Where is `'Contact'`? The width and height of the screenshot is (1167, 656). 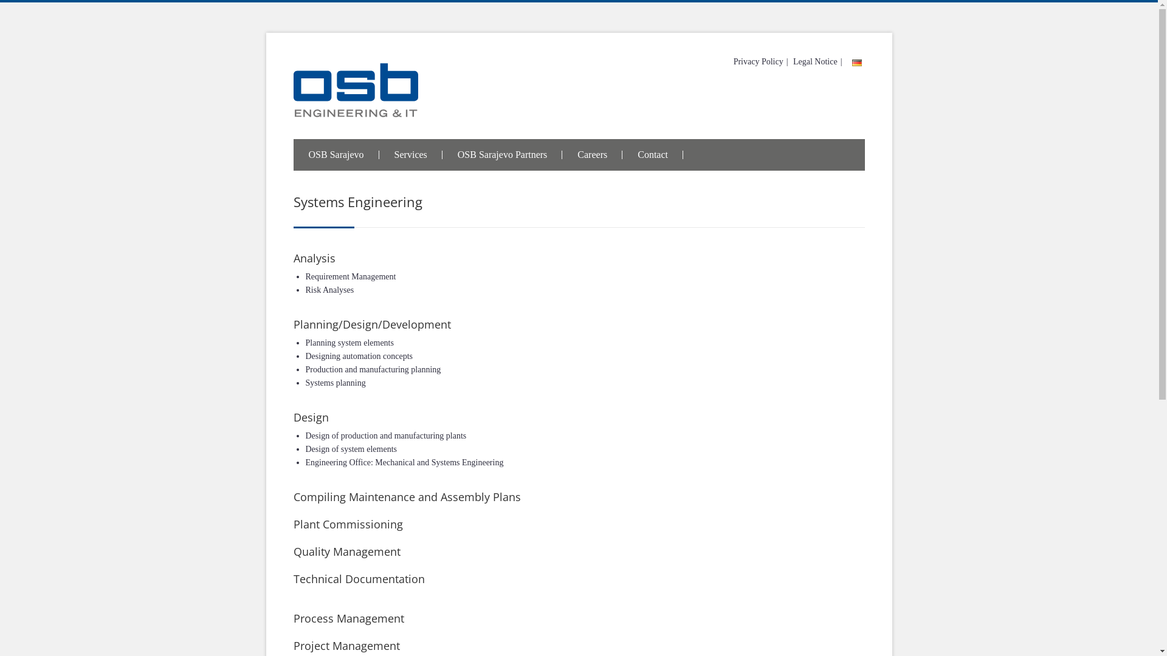 'Contact' is located at coordinates (652, 154).